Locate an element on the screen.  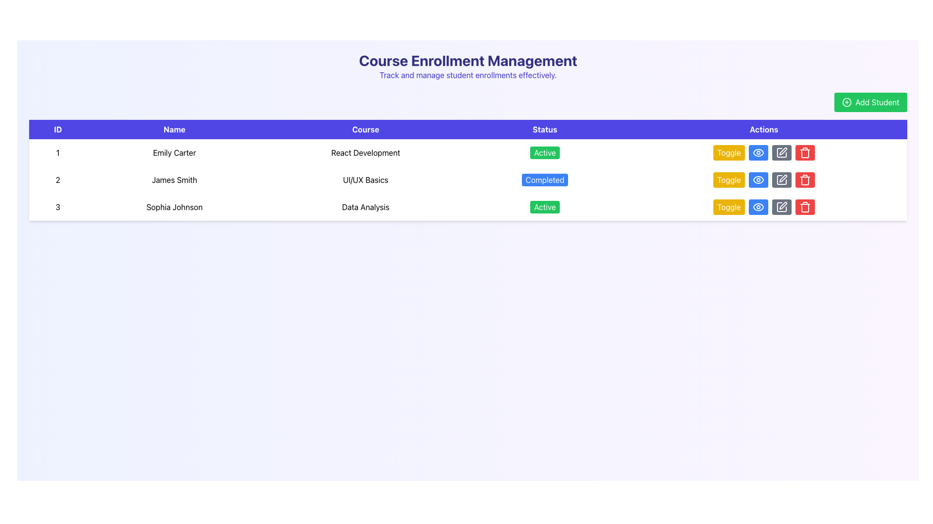
the rectangular button with a gray background and a white pen icon in the third row of the 'Actions' column is located at coordinates (781, 153).